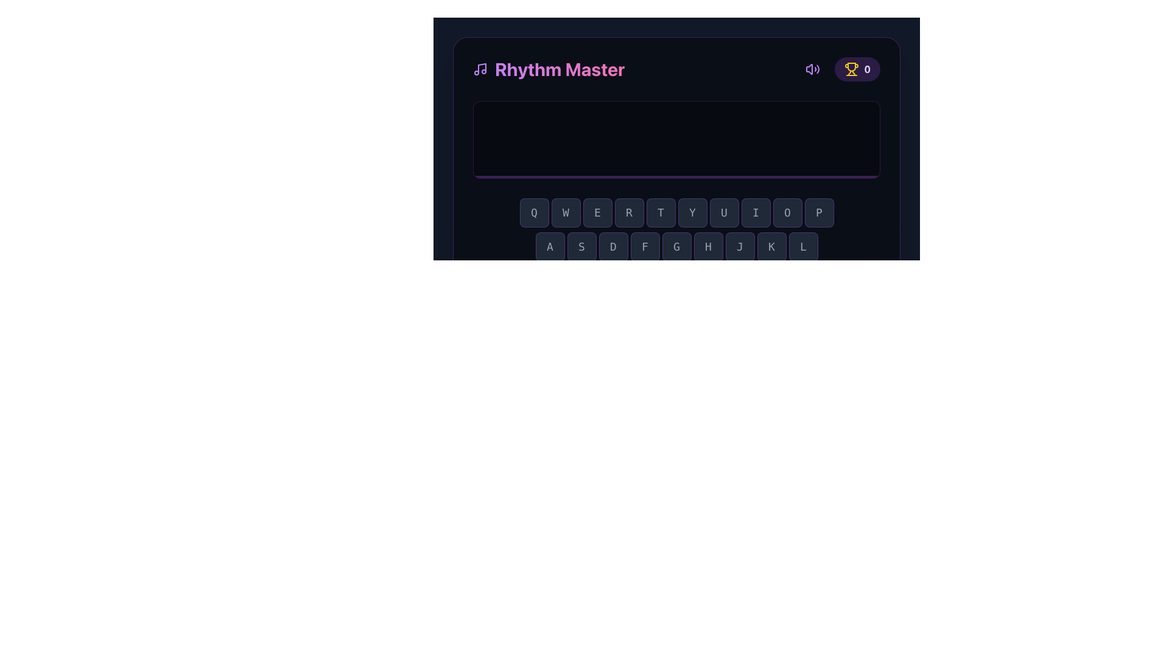 This screenshot has width=1169, height=657. Describe the element at coordinates (755, 212) in the screenshot. I see `the virtual keyboard button representing the letter 'I' located at the eighth position in a horizontal sequence of letter buttons to input the letter 'I'` at that location.